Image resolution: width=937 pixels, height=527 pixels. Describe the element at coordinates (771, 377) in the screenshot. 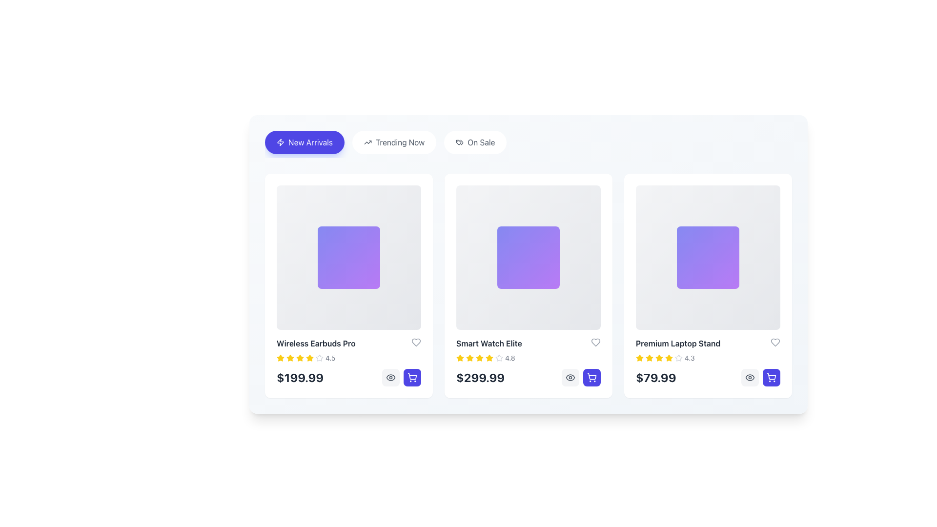

I see `the 'Add to Cart' icon located at the bottom-right corner of the product card for the 'Premium Laptop Stand' to trigger the tooltip` at that location.